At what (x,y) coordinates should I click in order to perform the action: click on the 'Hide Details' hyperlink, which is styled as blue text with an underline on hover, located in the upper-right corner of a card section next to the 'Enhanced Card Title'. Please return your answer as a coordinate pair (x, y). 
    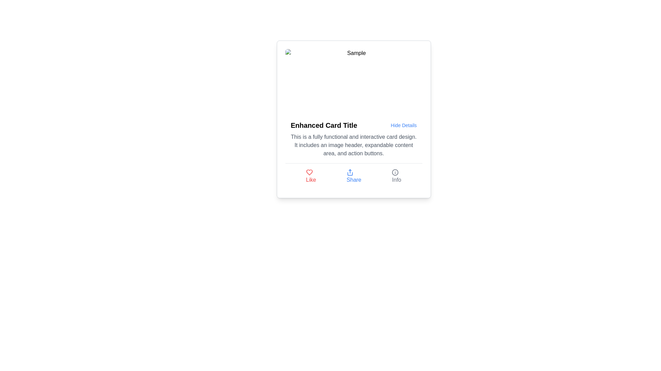
    Looking at the image, I should click on (403, 125).